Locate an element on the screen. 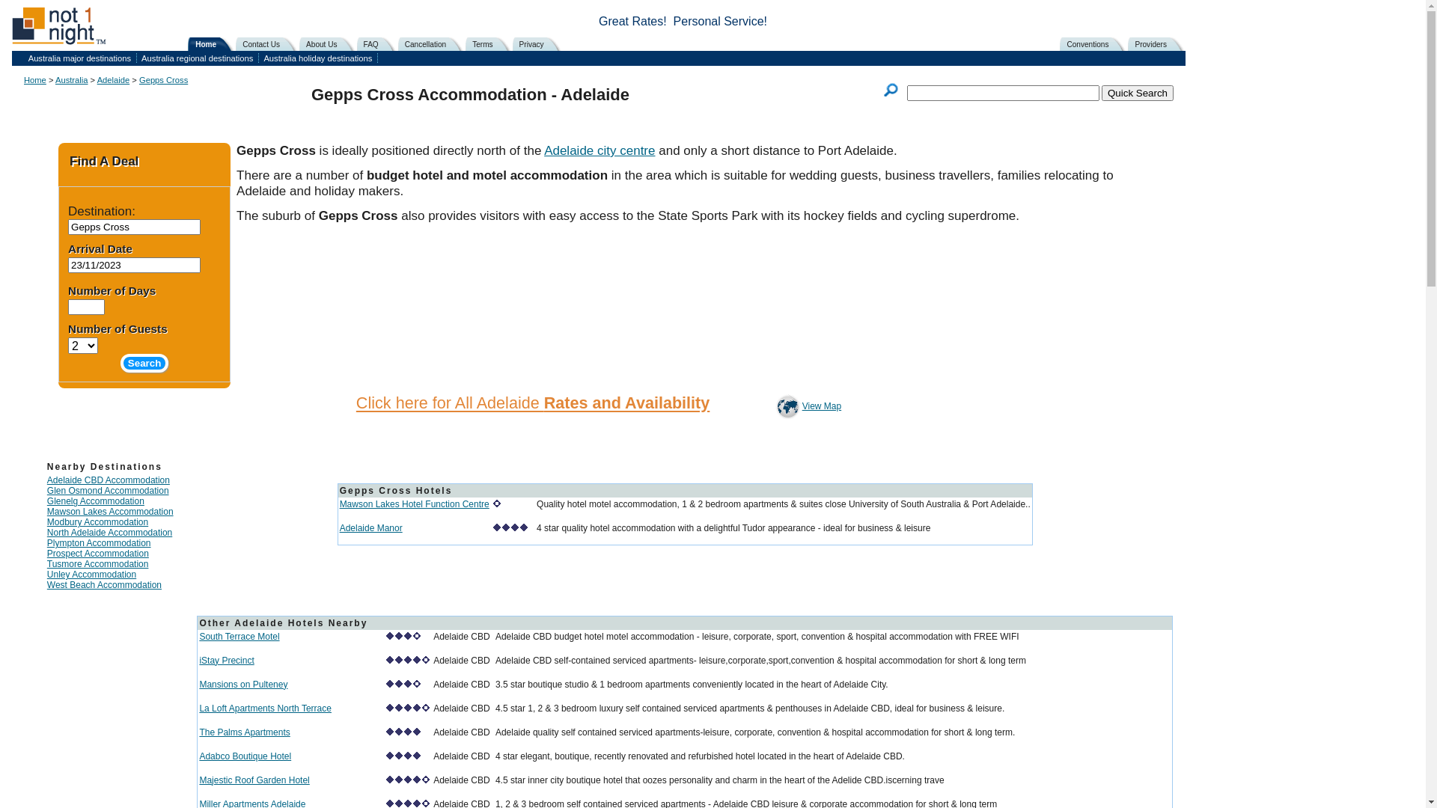 The width and height of the screenshot is (1437, 808). 'West Beach Accommodation' is located at coordinates (103, 584).